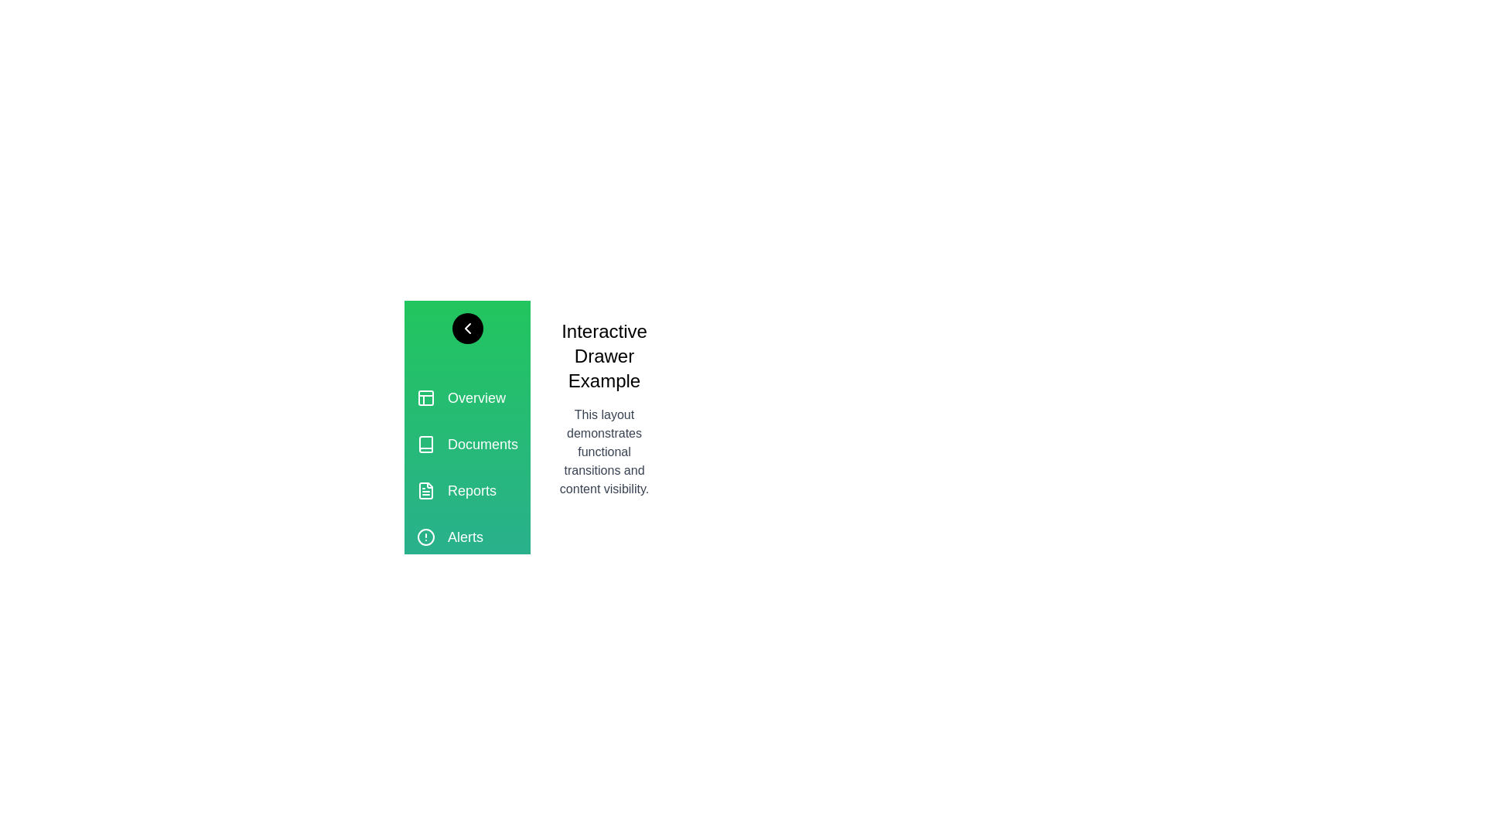 The image size is (1485, 835). What do you see at coordinates (466, 327) in the screenshot?
I see `button at the top of the drawer to toggle its state` at bounding box center [466, 327].